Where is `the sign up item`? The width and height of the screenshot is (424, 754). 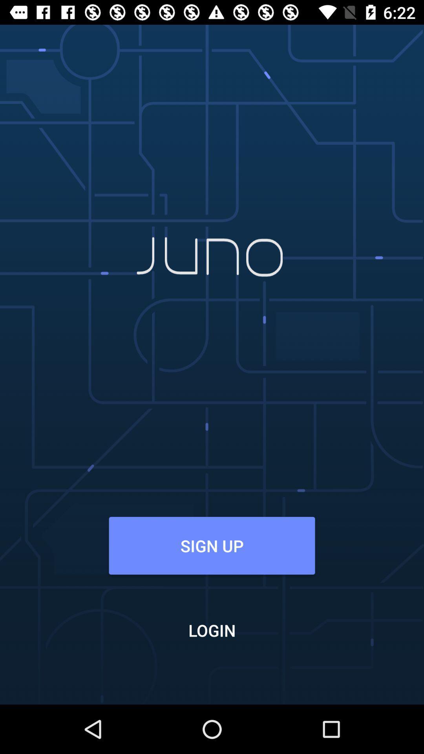 the sign up item is located at coordinates (212, 545).